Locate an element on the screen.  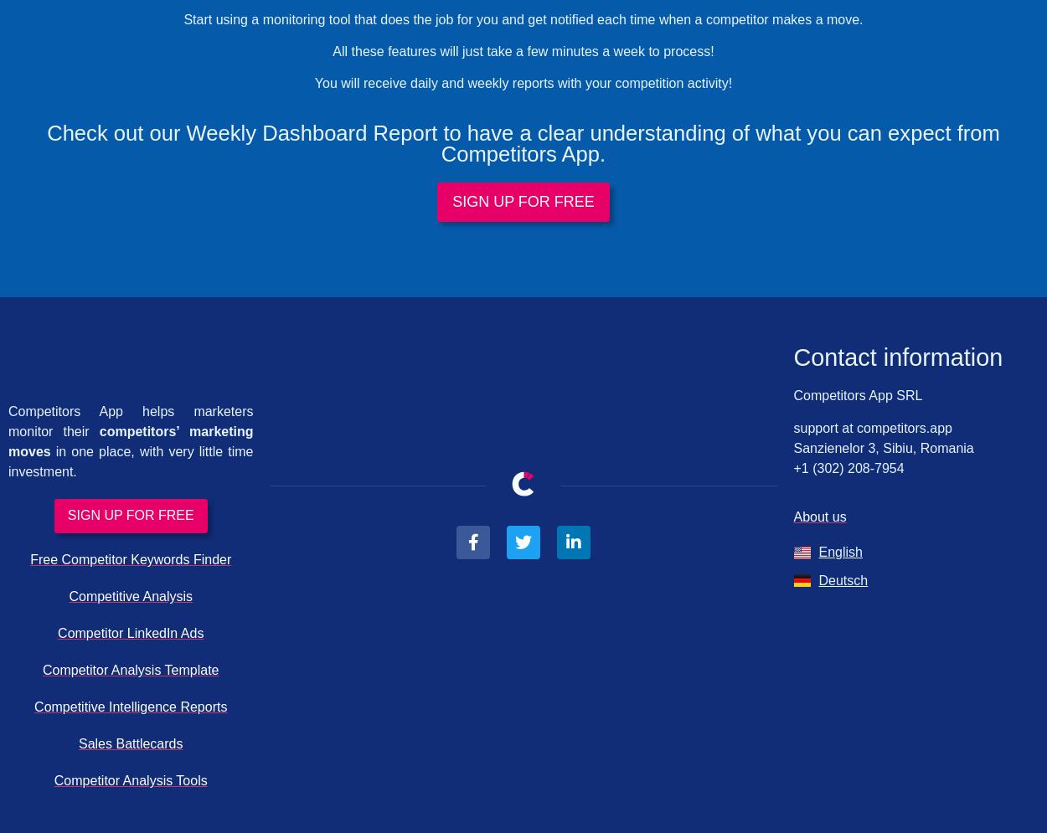
'Competitors App helps marketers monitor their' is located at coordinates (131, 419).